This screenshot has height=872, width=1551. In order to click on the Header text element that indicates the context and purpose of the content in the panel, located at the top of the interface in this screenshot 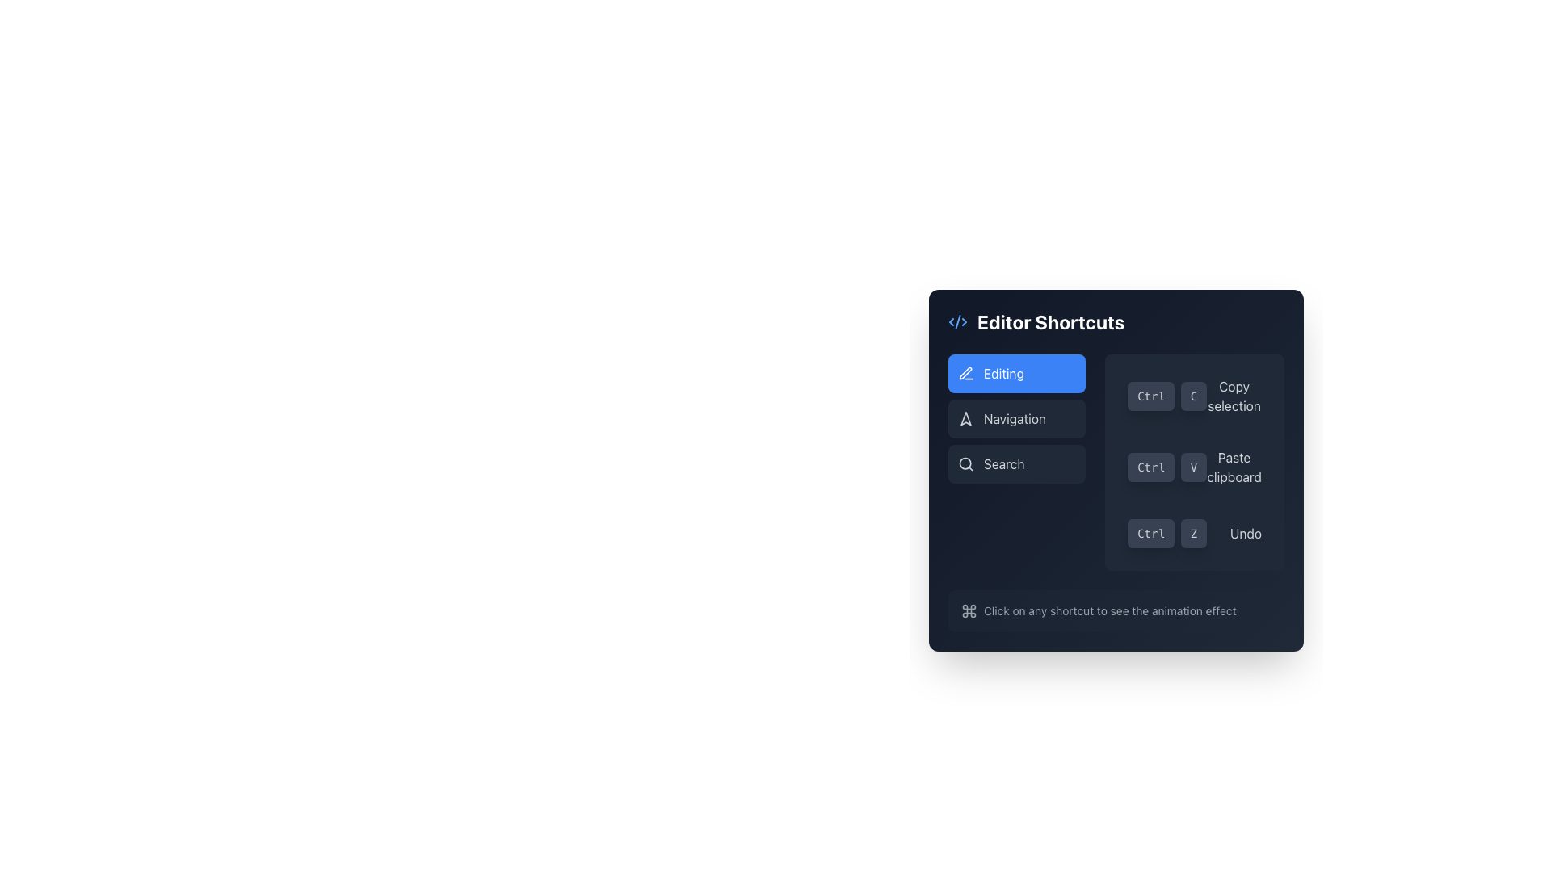, I will do `click(1116, 321)`.